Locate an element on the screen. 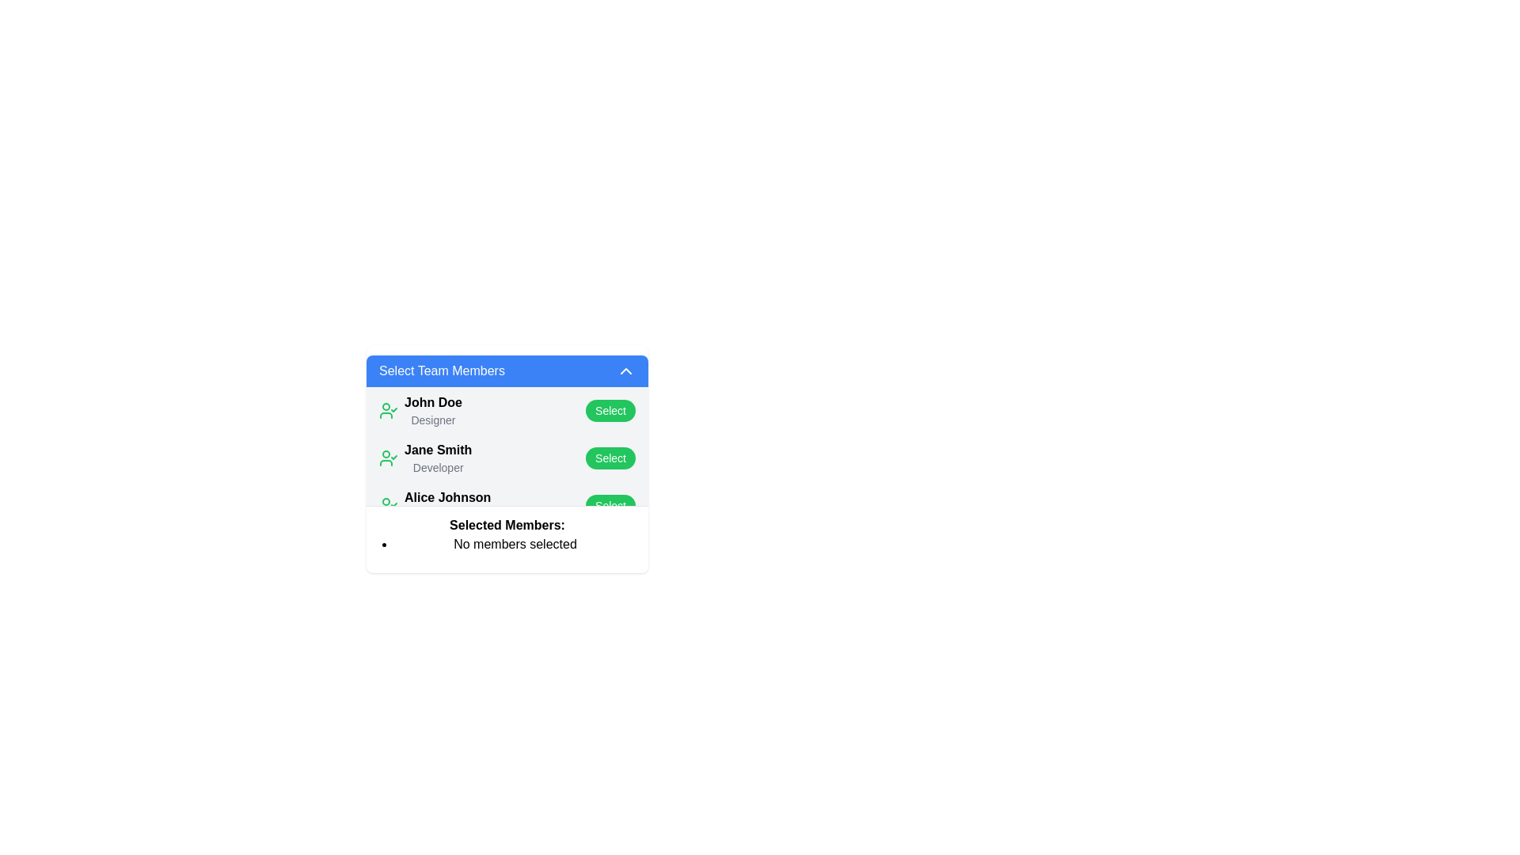 The width and height of the screenshot is (1520, 855). the text label indicating the role of 'Jane Smith', which is located below her name in the team member selection interface is located at coordinates (438, 466).